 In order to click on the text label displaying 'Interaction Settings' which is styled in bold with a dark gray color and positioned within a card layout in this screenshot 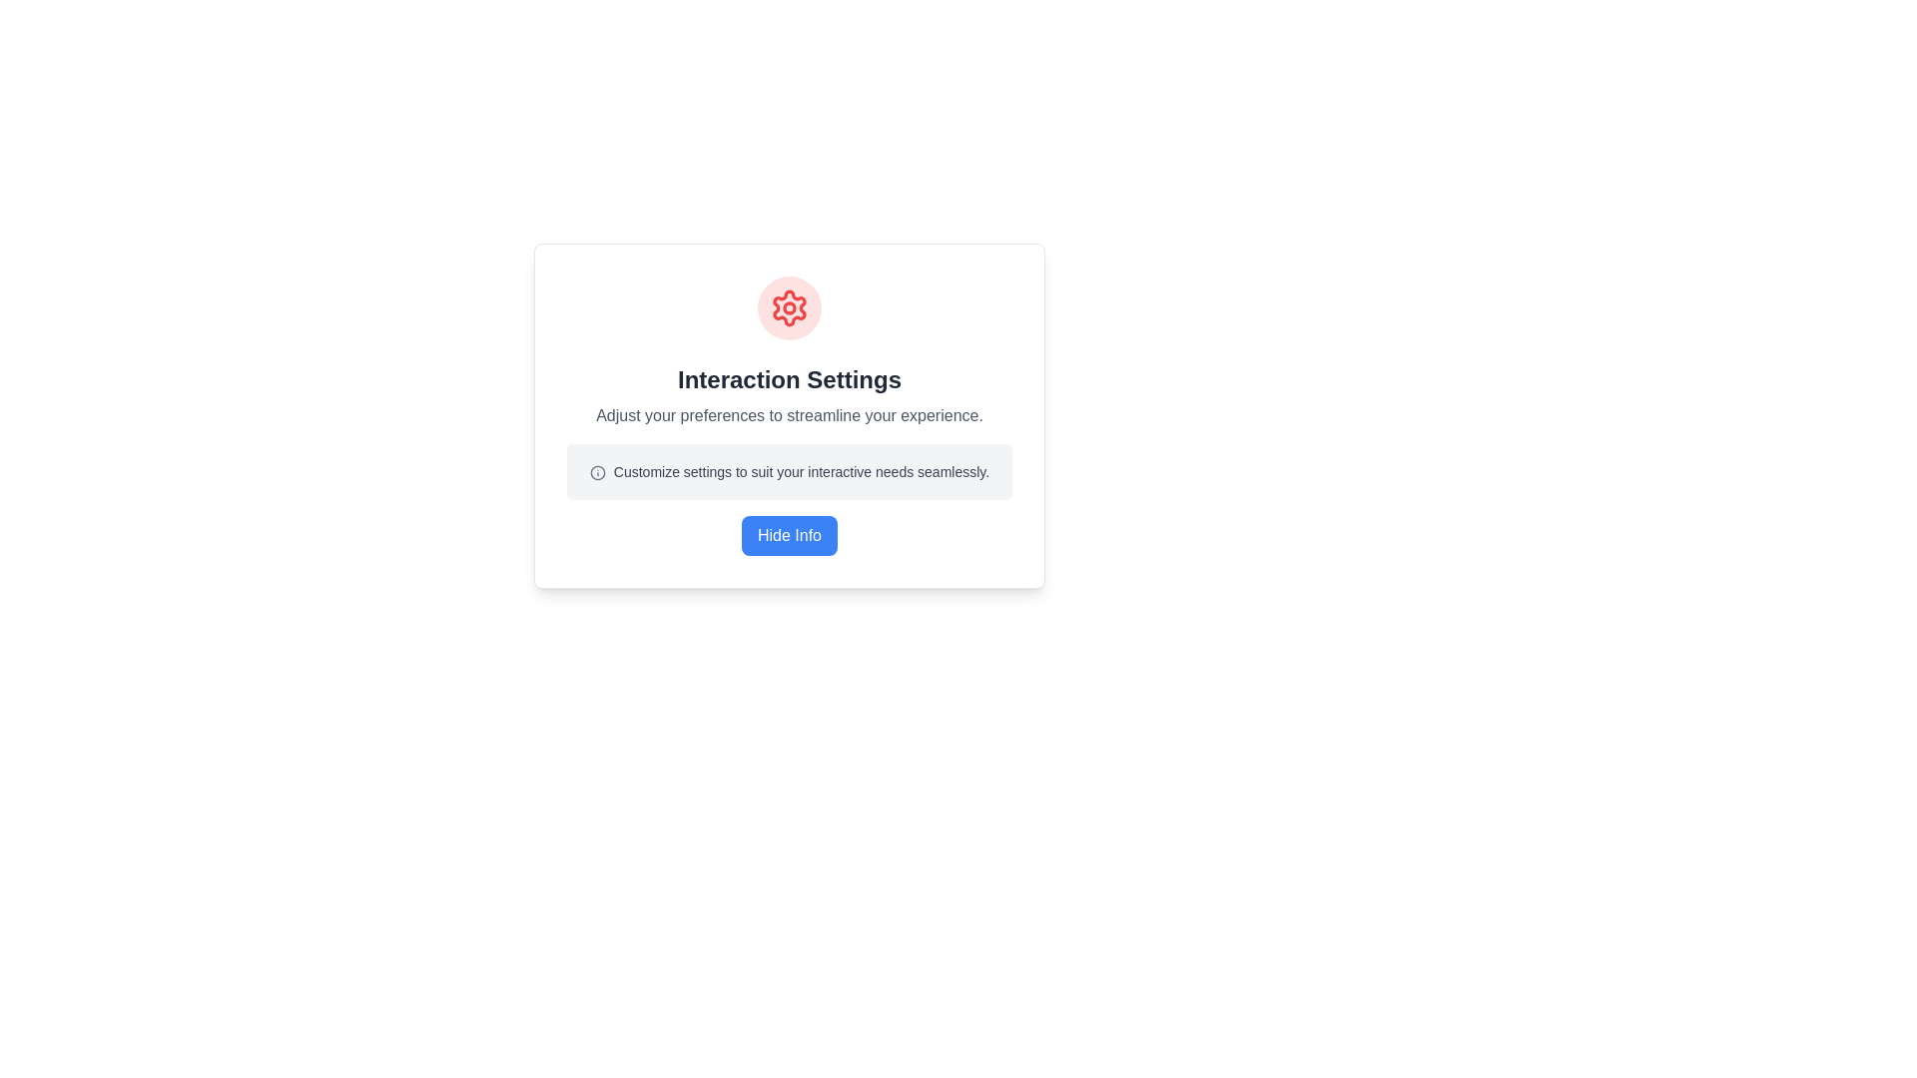, I will do `click(789, 380)`.